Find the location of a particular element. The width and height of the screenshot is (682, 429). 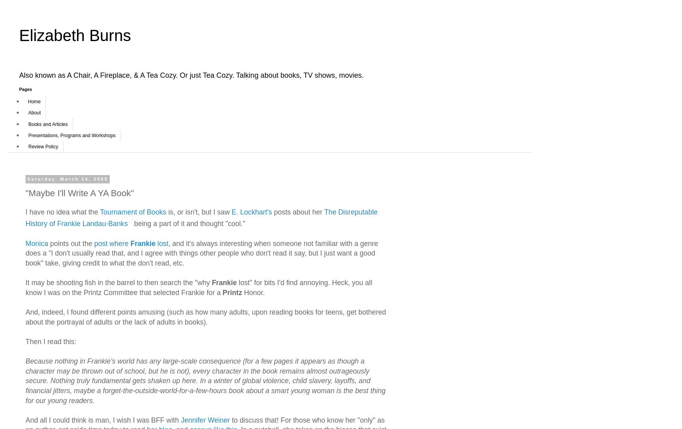

'It may be shooting fish in the barrel to then search the "why' is located at coordinates (118, 282).